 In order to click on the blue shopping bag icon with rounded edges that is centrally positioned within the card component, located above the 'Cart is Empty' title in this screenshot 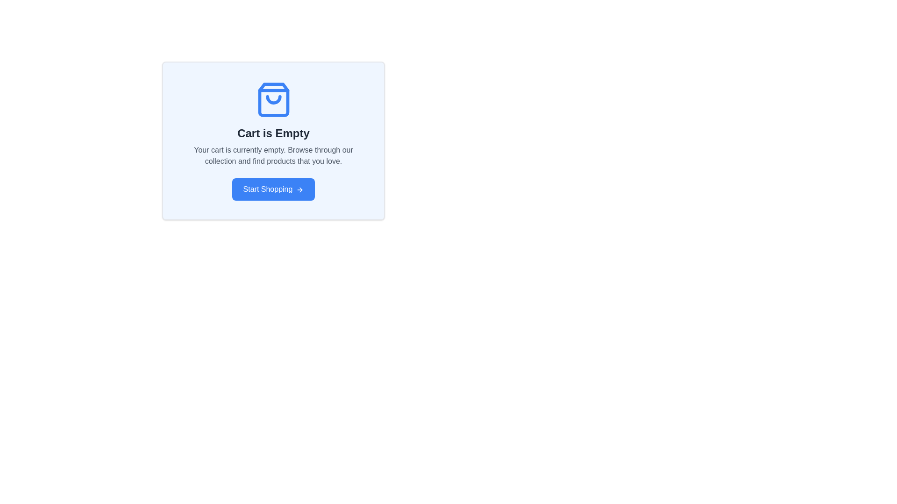, I will do `click(273, 99)`.